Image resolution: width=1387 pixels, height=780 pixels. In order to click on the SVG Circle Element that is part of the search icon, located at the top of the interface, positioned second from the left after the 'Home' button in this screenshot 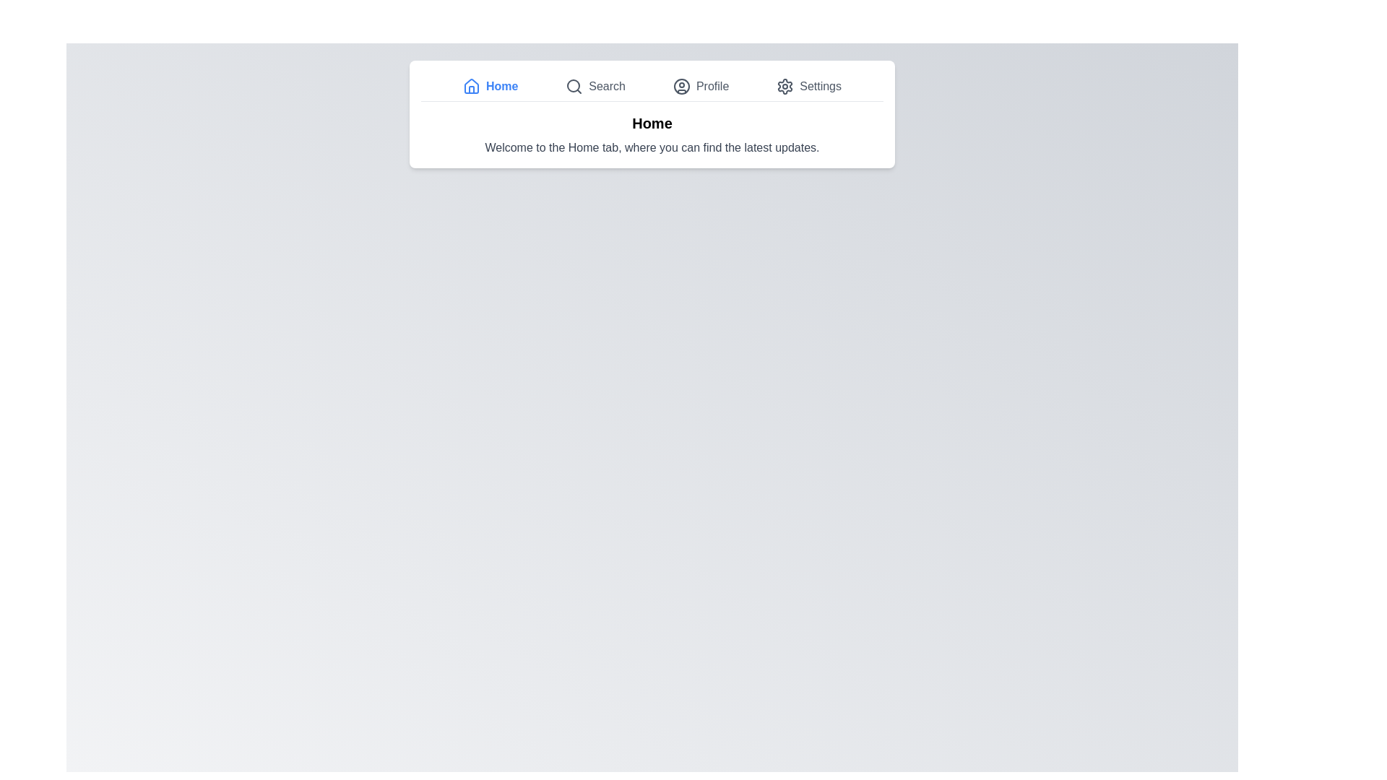, I will do `click(573, 86)`.